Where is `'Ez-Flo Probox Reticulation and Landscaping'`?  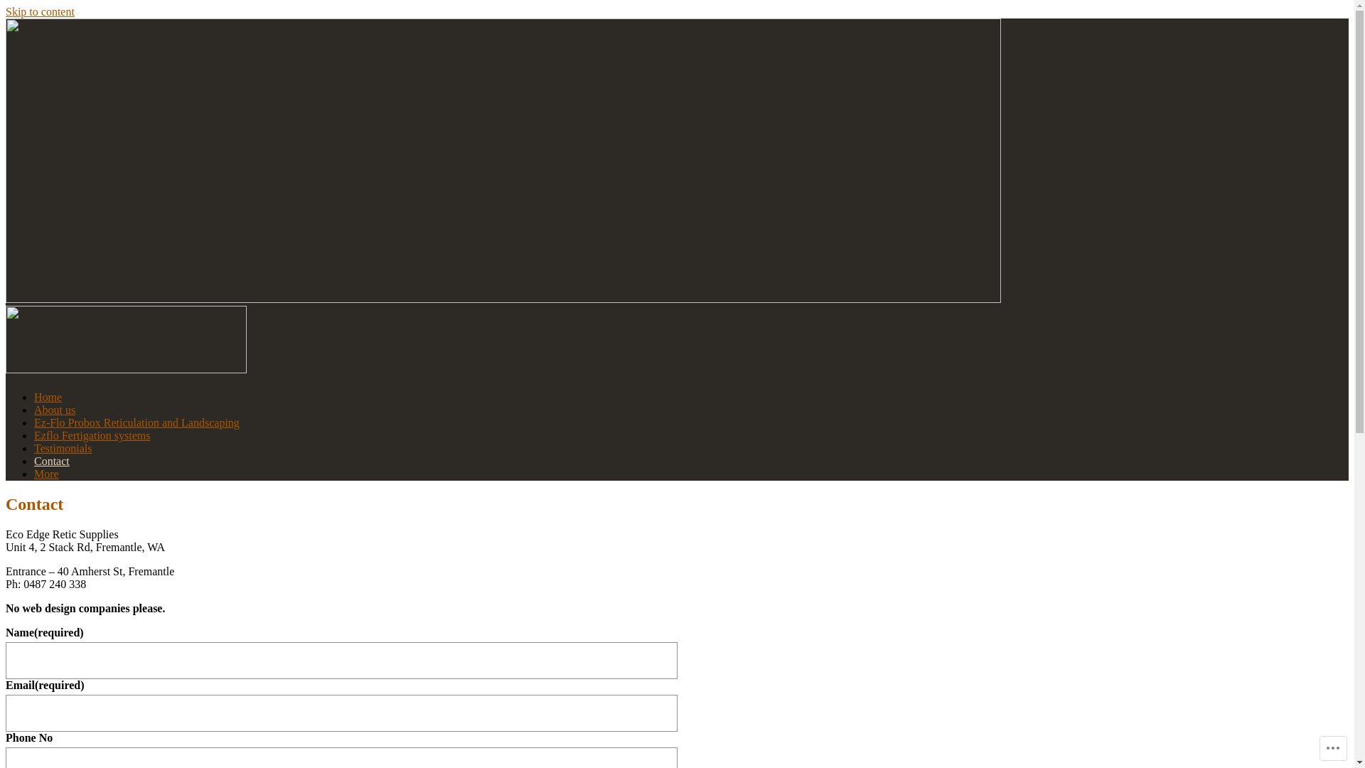
'Ez-Flo Probox Reticulation and Landscaping' is located at coordinates (136, 422).